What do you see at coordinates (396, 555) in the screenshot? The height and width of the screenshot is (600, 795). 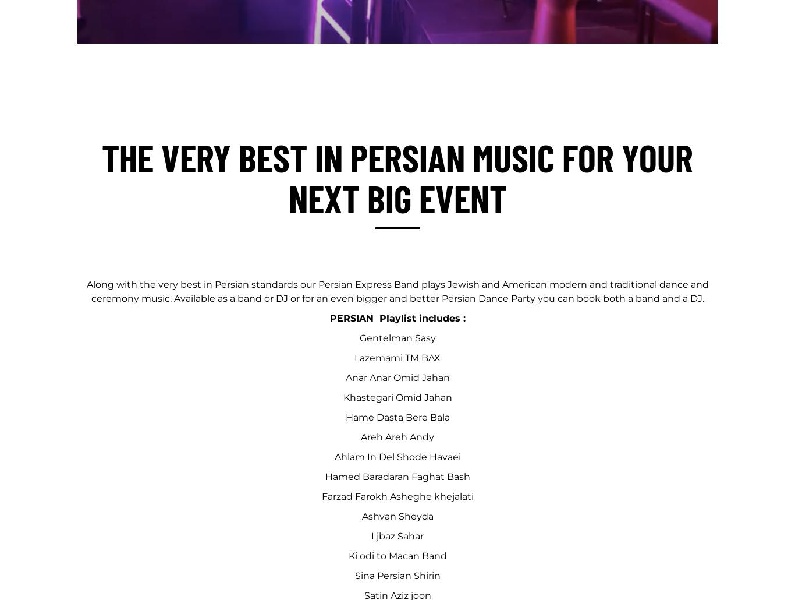 I see `'Ki odi to Macan Band'` at bounding box center [396, 555].